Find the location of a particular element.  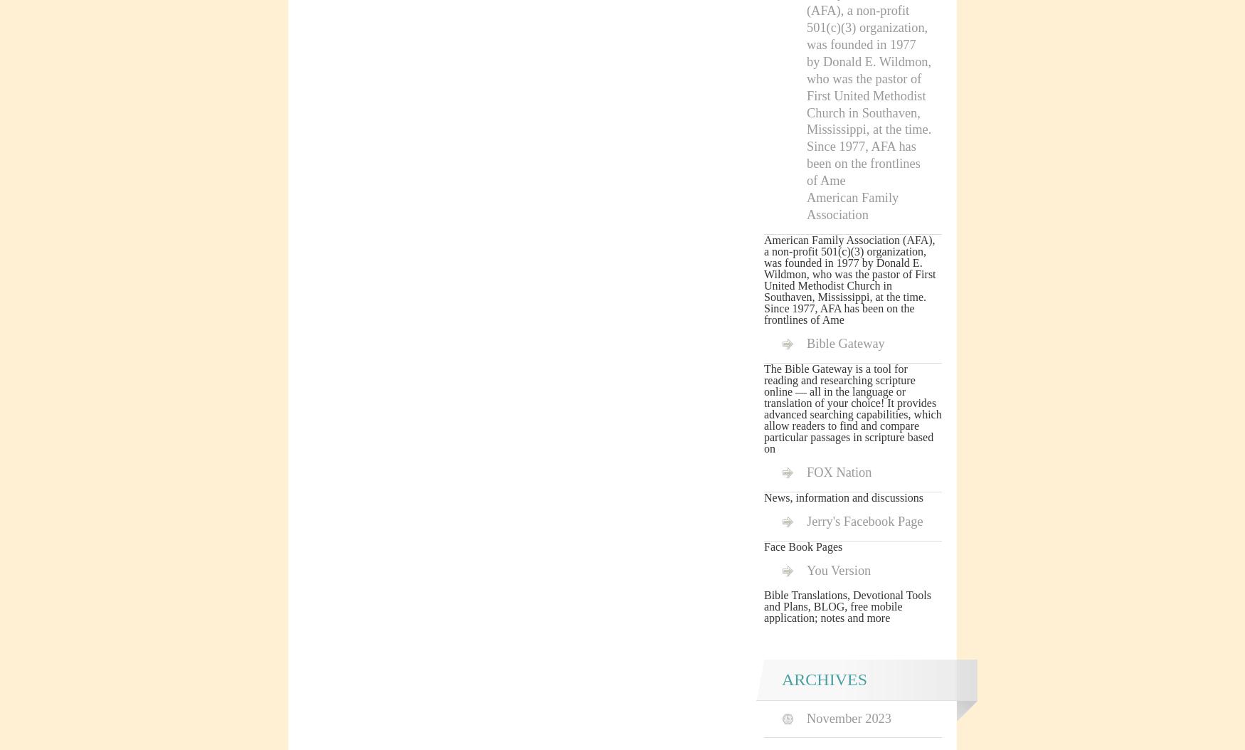

'News, information and discussions' is located at coordinates (763, 496).